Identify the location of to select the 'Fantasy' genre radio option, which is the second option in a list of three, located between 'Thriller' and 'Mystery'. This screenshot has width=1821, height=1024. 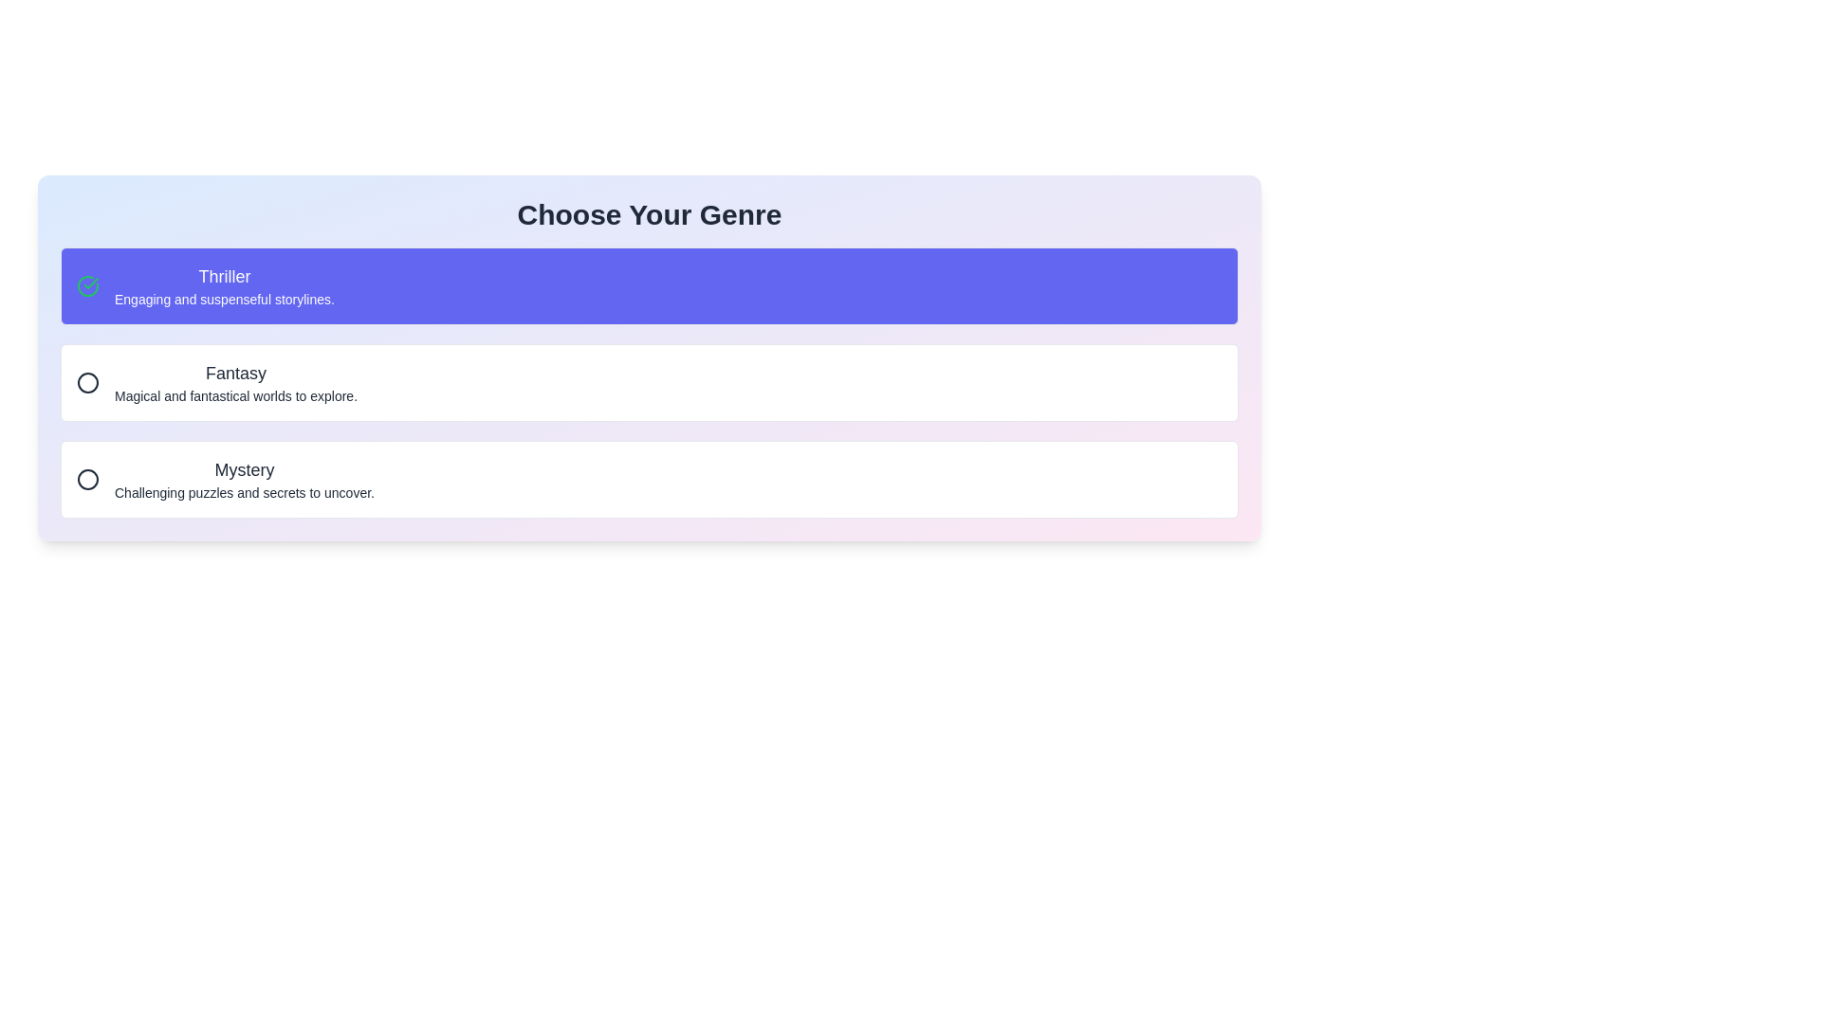
(650, 383).